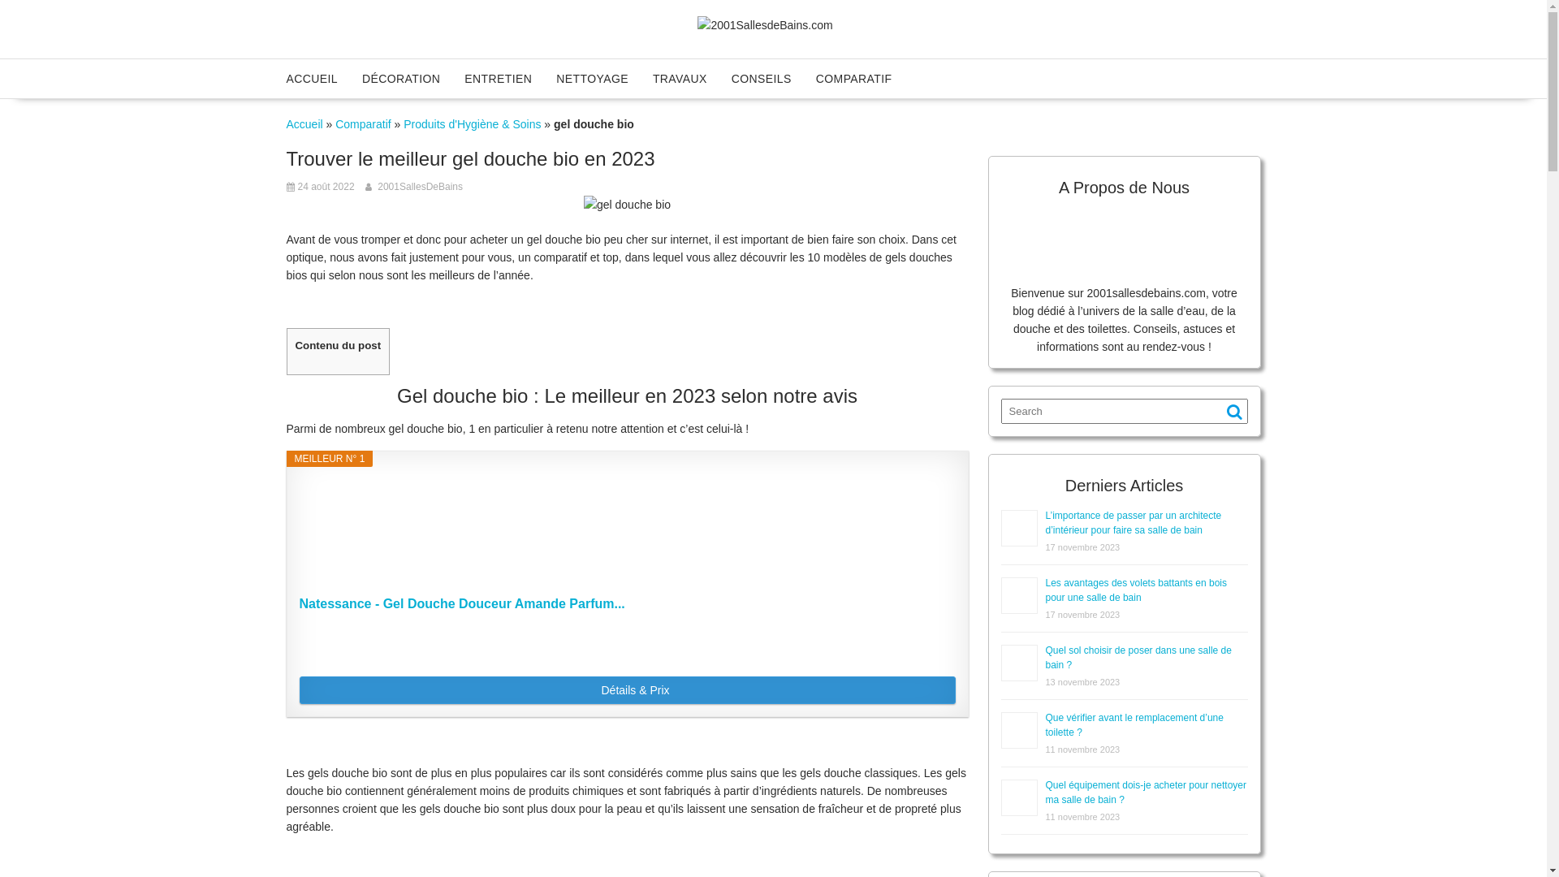  What do you see at coordinates (312, 78) in the screenshot?
I see `'ACCUEIL'` at bounding box center [312, 78].